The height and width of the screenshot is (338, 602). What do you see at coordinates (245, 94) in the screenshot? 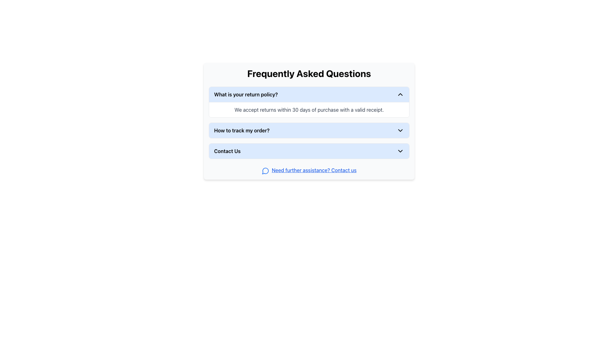
I see `the Text Label (Header within a collapsible accordion) located at the top of the 'Frequently Asked Questions' section` at bounding box center [245, 94].